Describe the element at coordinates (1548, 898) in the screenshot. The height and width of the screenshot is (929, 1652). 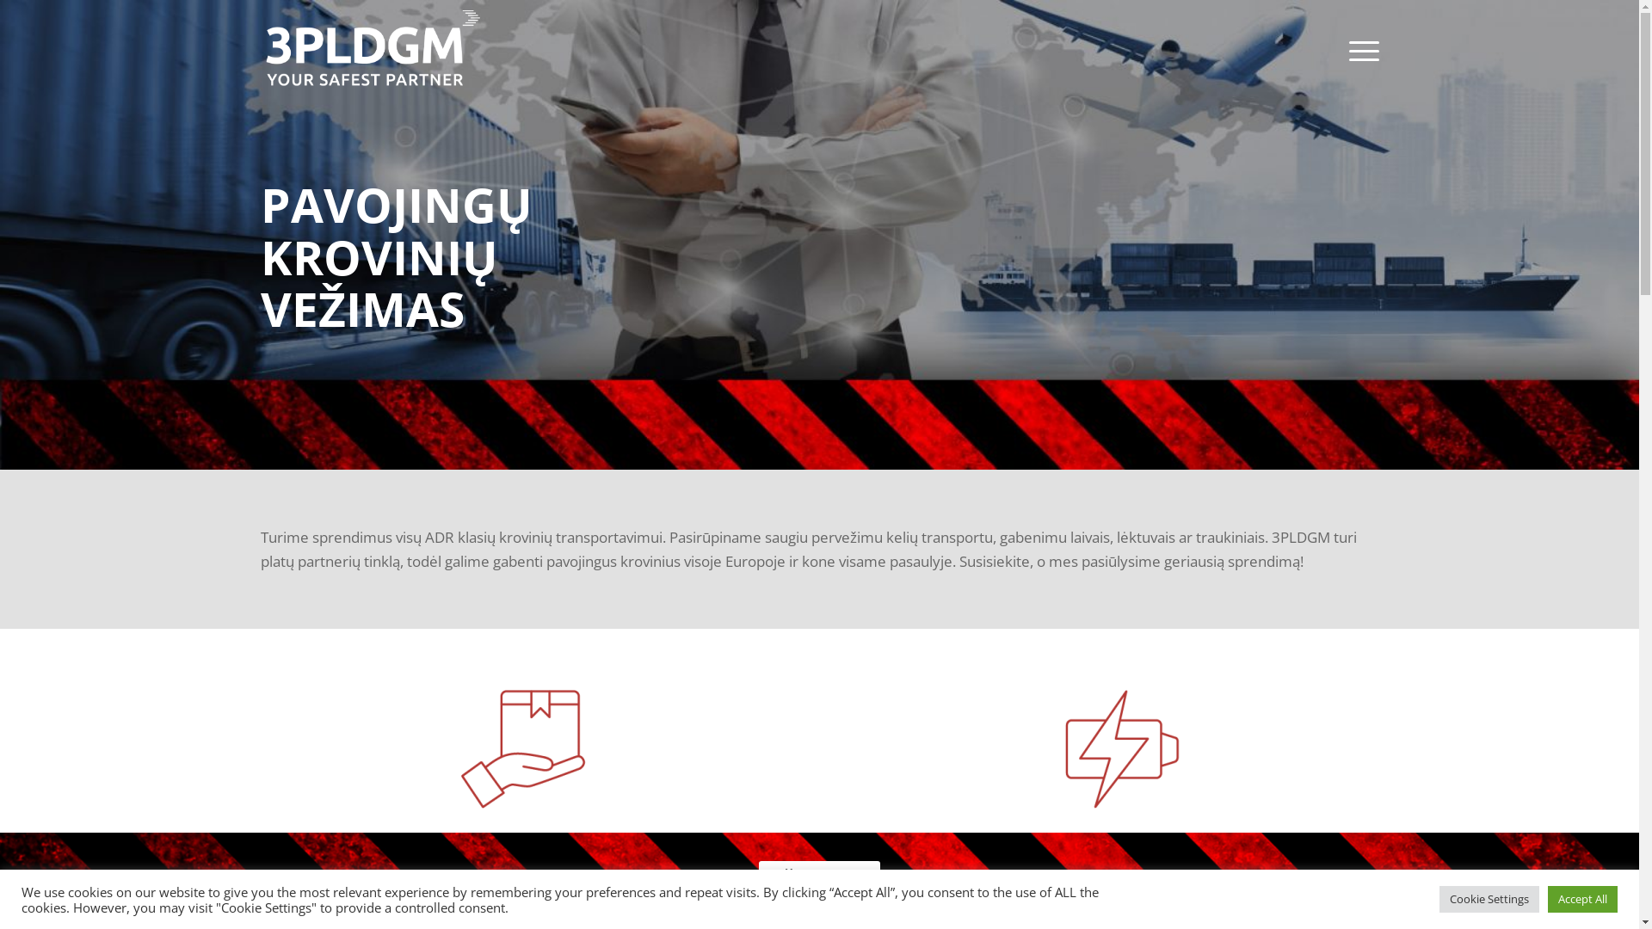
I see `'Accept All'` at that location.